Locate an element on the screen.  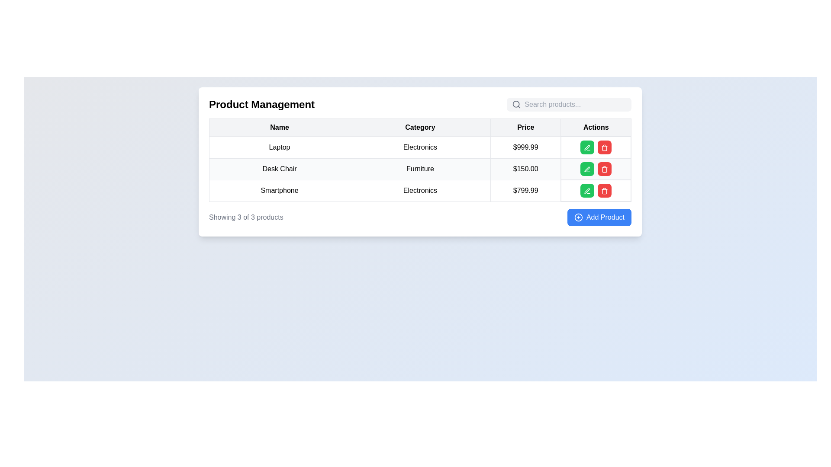
the delete icon button located in the Actions column of the table under the Electronics category to initiate the delete action is located at coordinates (604, 190).